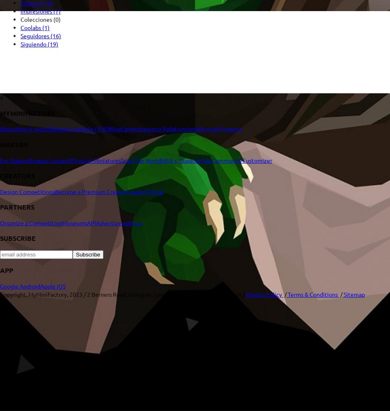  I want to click on 'Help / FAQ', so click(81, 128).